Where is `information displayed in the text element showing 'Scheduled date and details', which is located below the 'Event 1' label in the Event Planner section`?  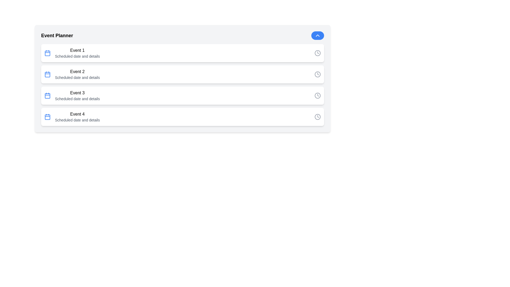 information displayed in the text element showing 'Scheduled date and details', which is located below the 'Event 1' label in the Event Planner section is located at coordinates (77, 56).